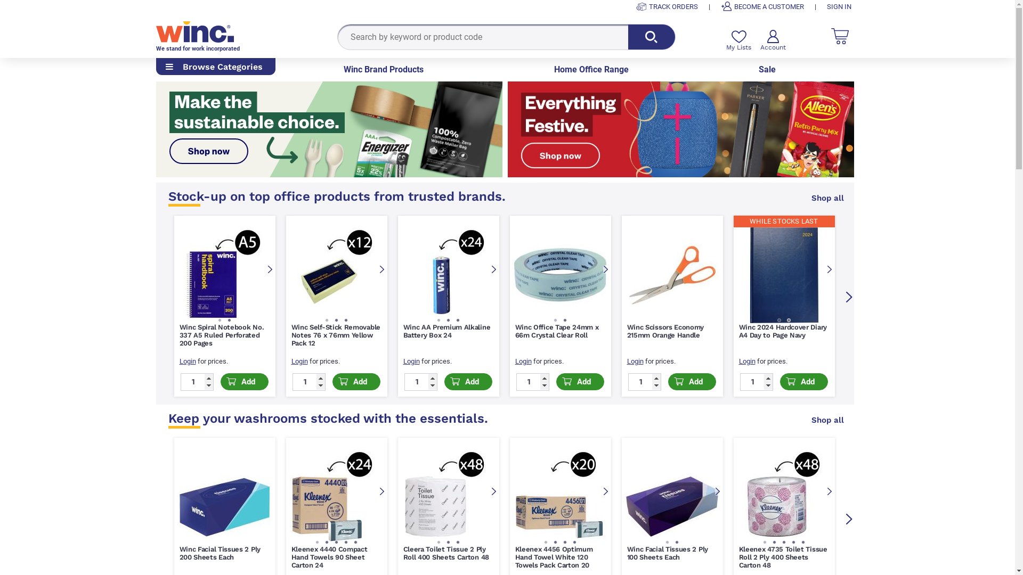 Image resolution: width=1023 pixels, height=575 pixels. What do you see at coordinates (332, 381) in the screenshot?
I see `'Add'` at bounding box center [332, 381].